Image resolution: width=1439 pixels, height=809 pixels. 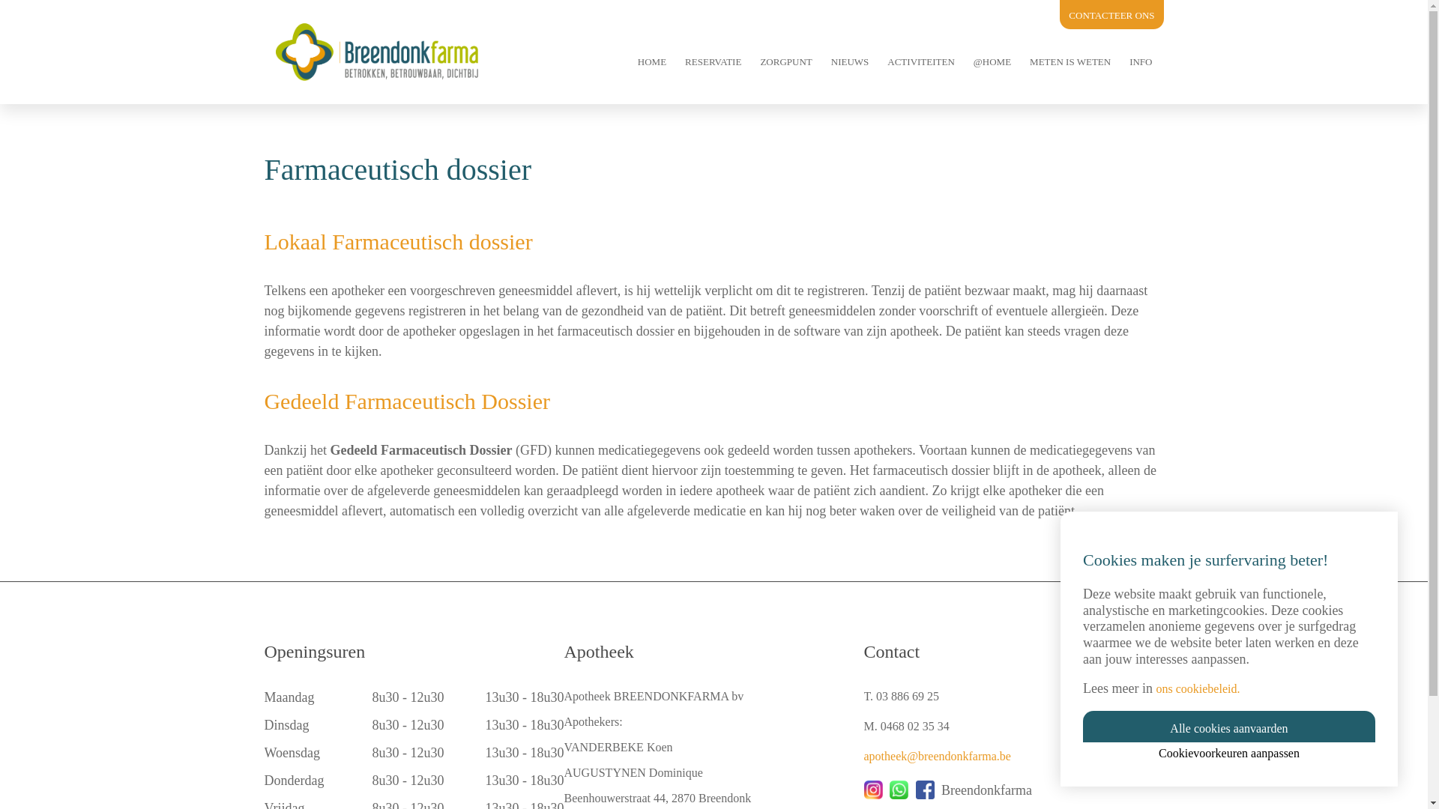 What do you see at coordinates (935, 756) in the screenshot?
I see `'apotheek@breendonkfarma.be'` at bounding box center [935, 756].